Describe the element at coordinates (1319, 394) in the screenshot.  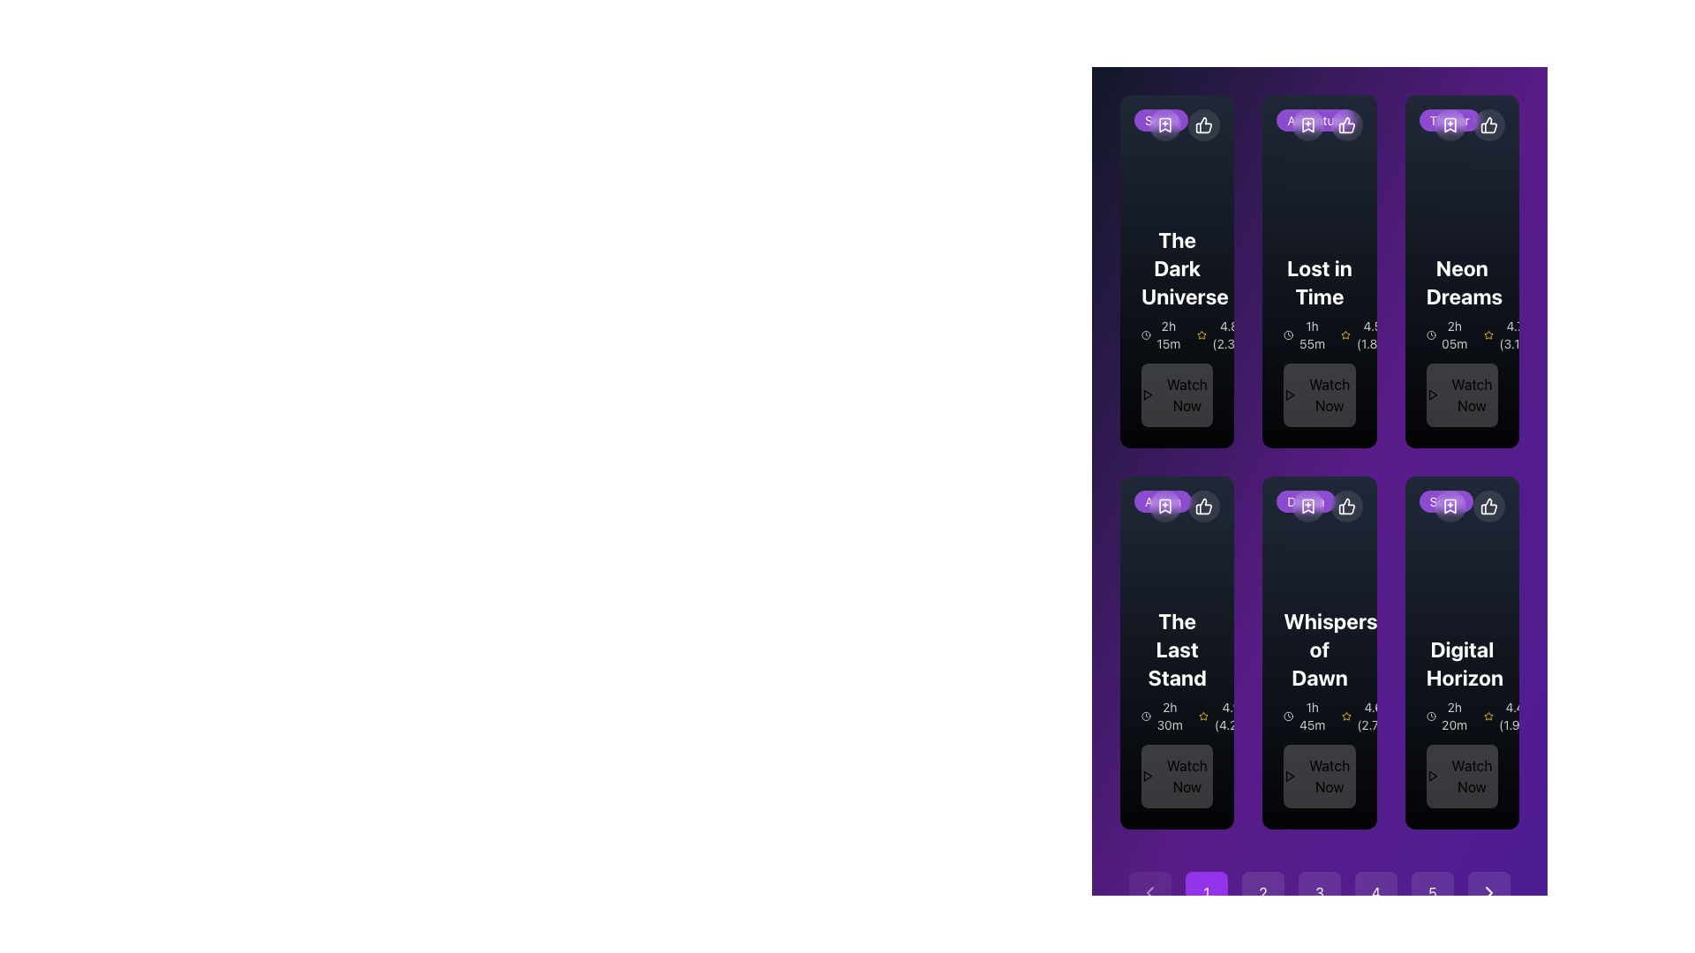
I see `the interactive call-to-action button for the movie 'Lost in Time' located in the middle column of the top row in the grid layout` at that location.